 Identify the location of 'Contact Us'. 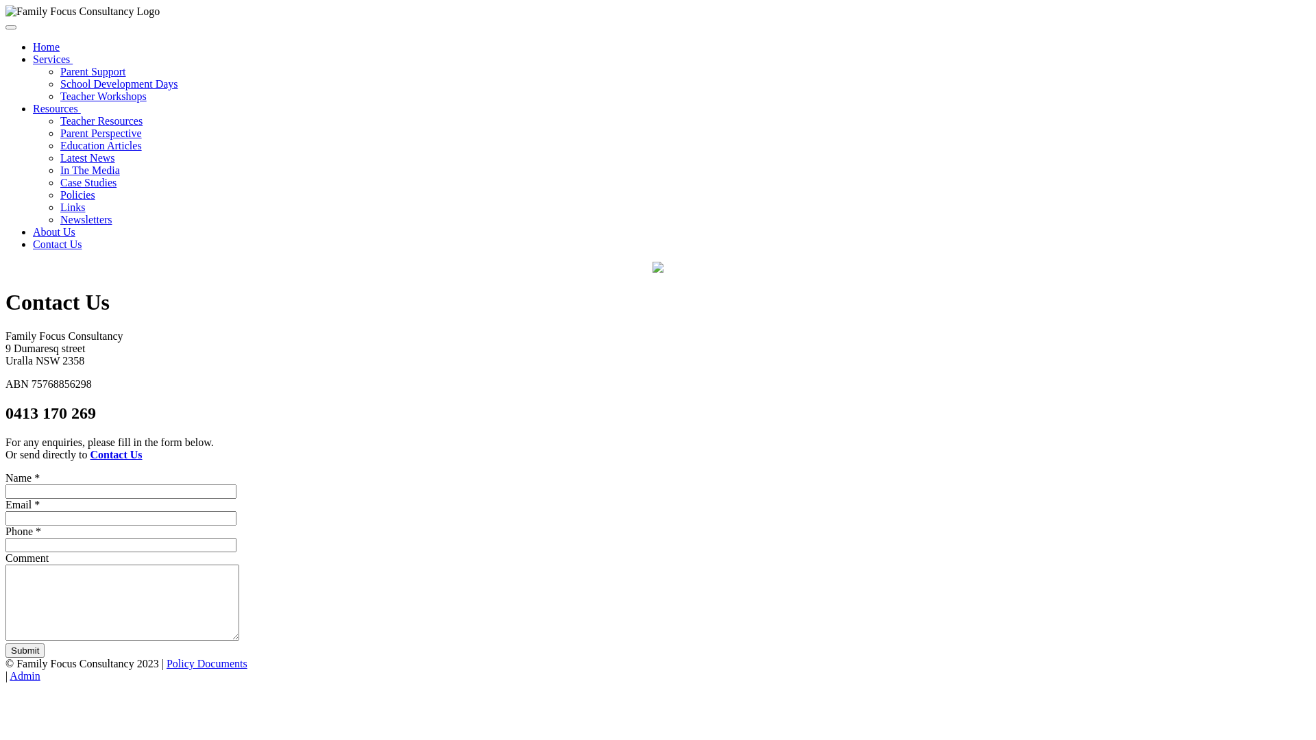
(56, 243).